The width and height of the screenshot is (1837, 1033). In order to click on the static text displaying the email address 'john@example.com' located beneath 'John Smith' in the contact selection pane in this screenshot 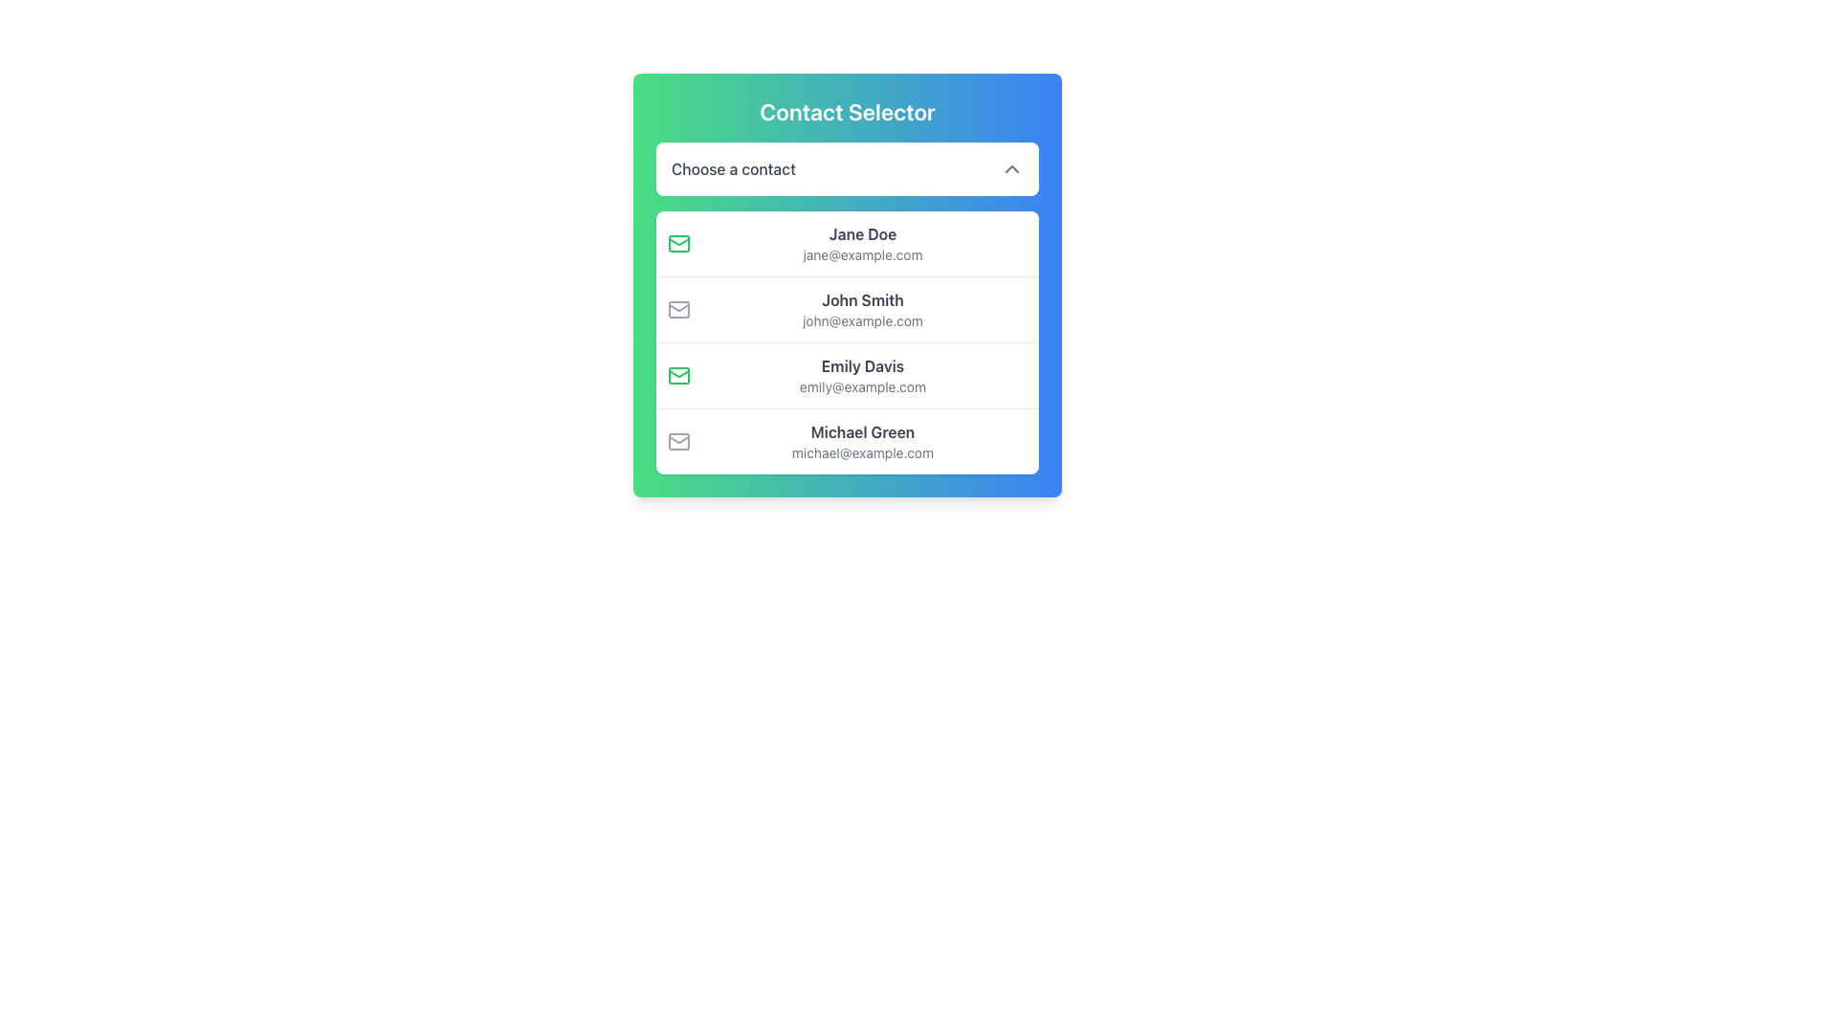, I will do `click(862, 319)`.